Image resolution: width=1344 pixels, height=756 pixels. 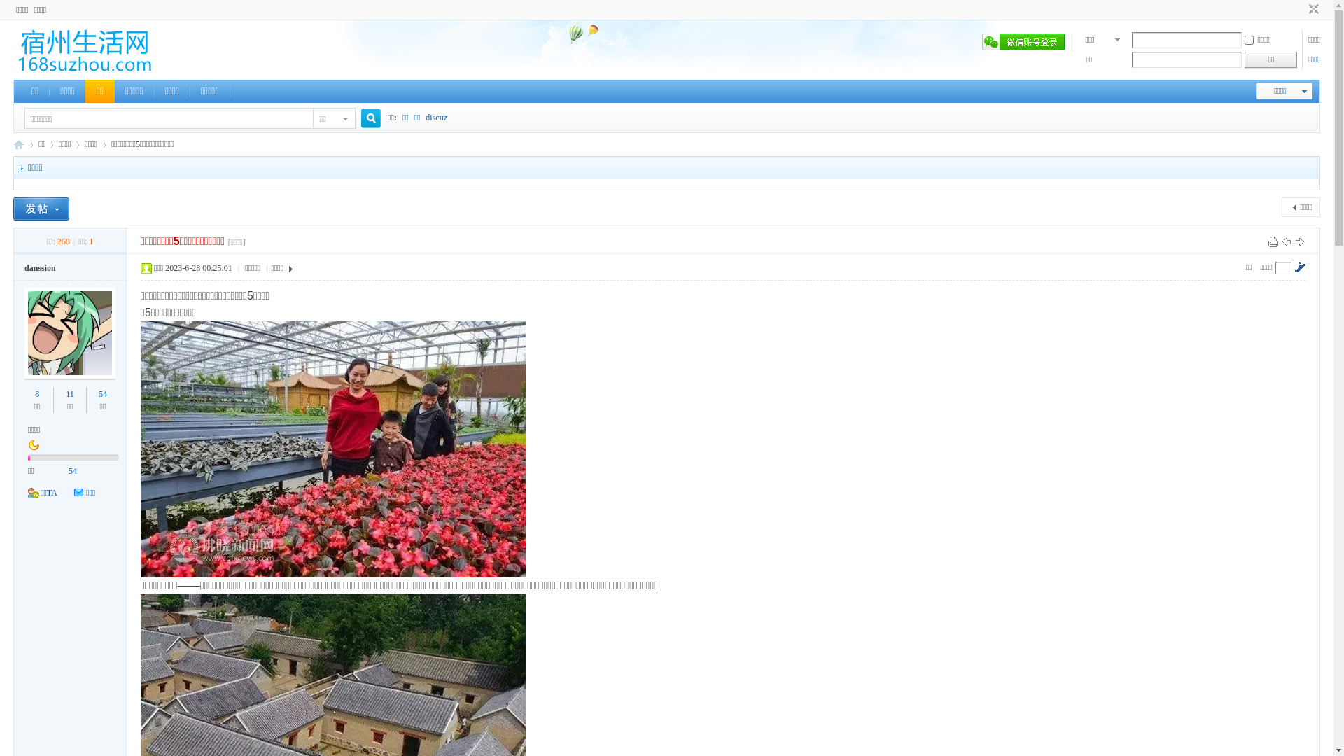 I want to click on 'danssion', so click(x=40, y=267).